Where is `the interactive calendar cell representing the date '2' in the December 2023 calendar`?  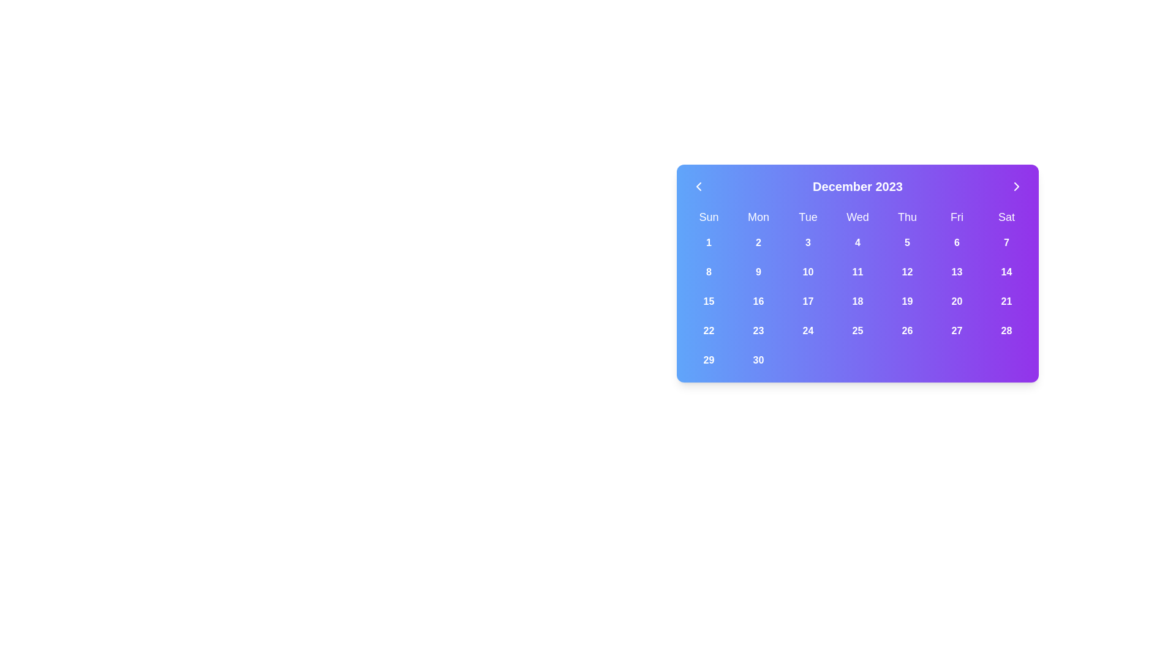
the interactive calendar cell representing the date '2' in the December 2023 calendar is located at coordinates (758, 243).